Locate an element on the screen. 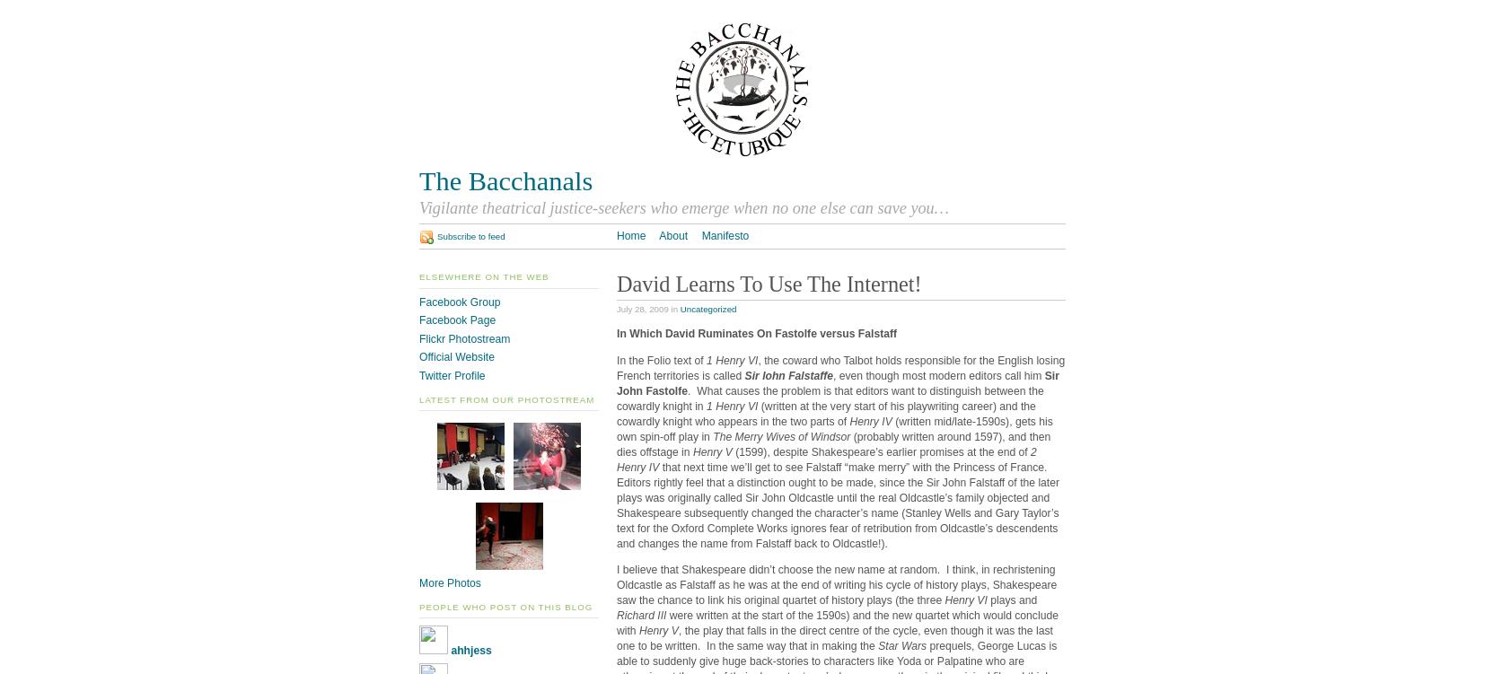  '(written at the very start of his playwriting career) and the cowardly knight who appears in the two parts of' is located at coordinates (824, 413).